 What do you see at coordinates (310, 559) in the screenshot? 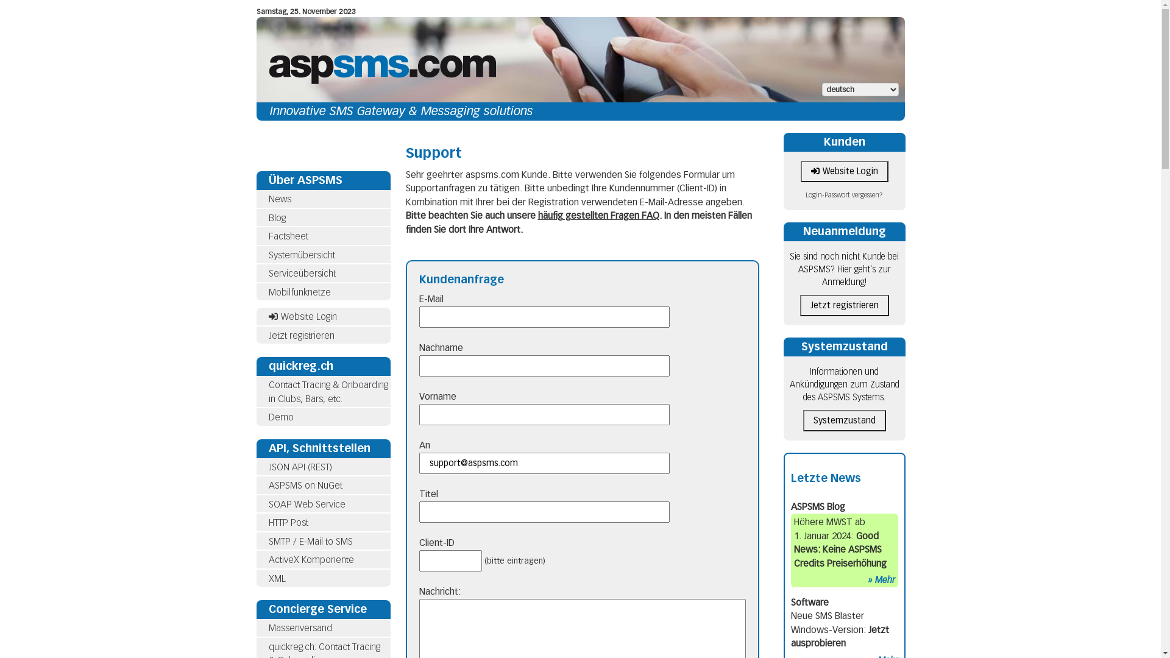
I see `'ActiveX Komponente'` at bounding box center [310, 559].